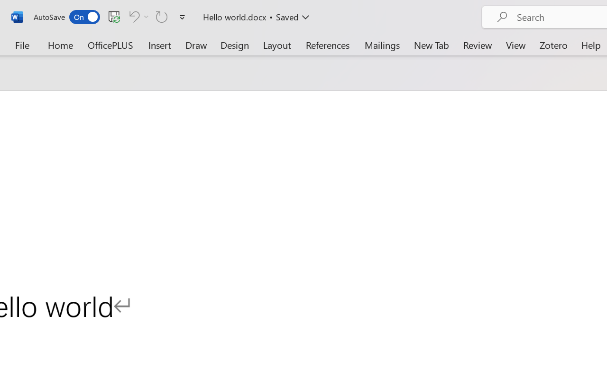 The width and height of the screenshot is (607, 379). Describe the element at coordinates (382, 45) in the screenshot. I see `'Mailings'` at that location.